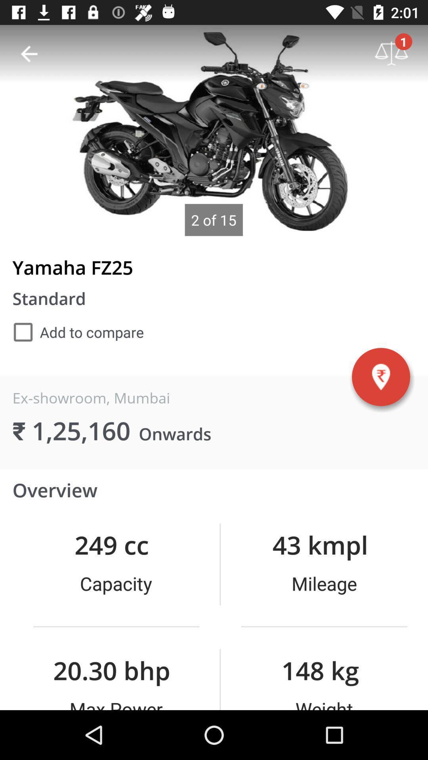  Describe the element at coordinates (380, 376) in the screenshot. I see `icon which has currency symbol on it` at that location.